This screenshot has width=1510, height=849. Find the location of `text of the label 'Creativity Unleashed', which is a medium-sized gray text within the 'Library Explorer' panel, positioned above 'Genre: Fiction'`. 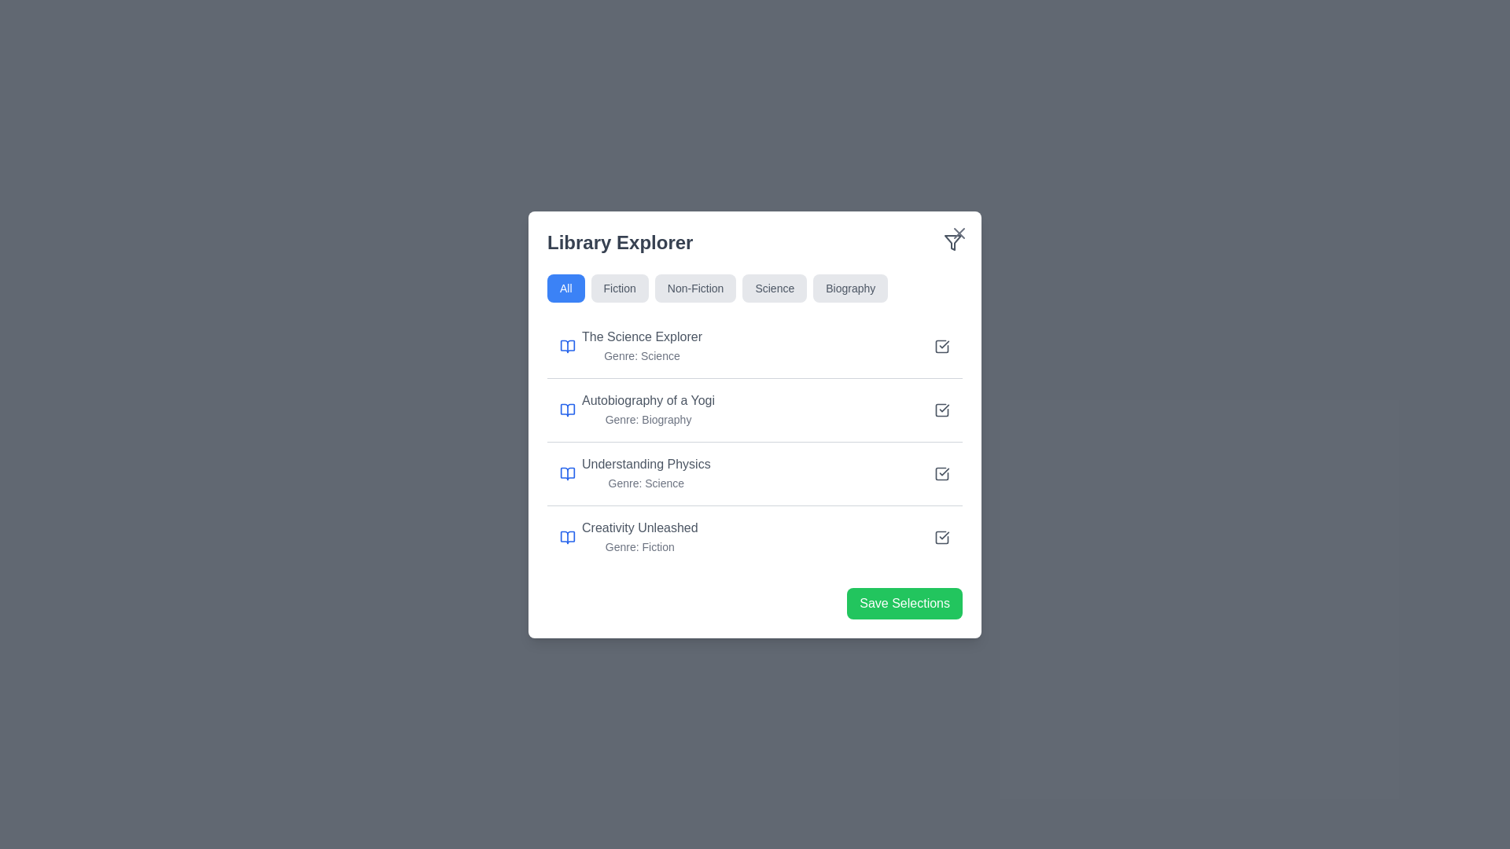

text of the label 'Creativity Unleashed', which is a medium-sized gray text within the 'Library Explorer' panel, positioned above 'Genre: Fiction' is located at coordinates (639, 527).